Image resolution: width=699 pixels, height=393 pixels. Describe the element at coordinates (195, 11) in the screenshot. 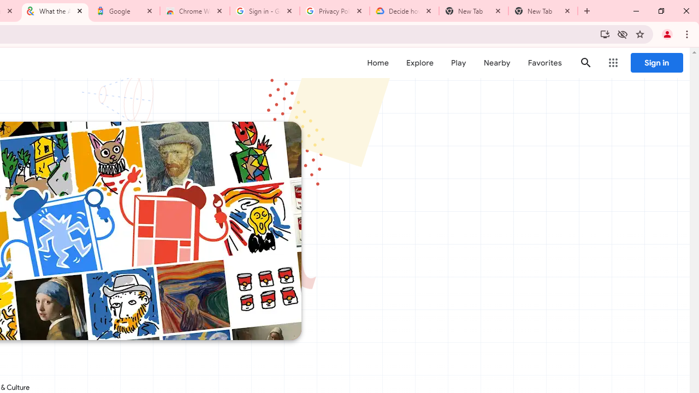

I see `'Chrome Web Store - Color themes by Chrome'` at that location.